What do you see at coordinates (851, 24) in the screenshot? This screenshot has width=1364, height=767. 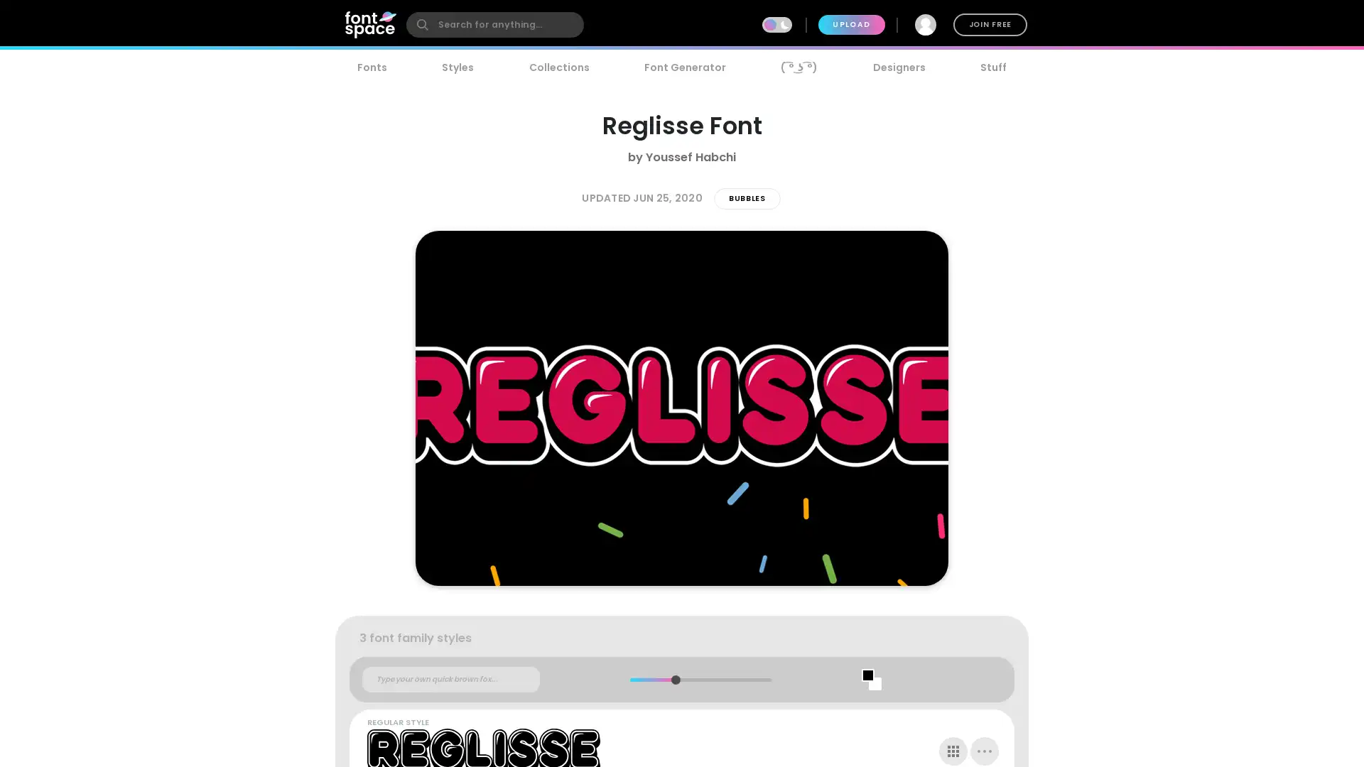 I see `UPLOAD` at bounding box center [851, 24].